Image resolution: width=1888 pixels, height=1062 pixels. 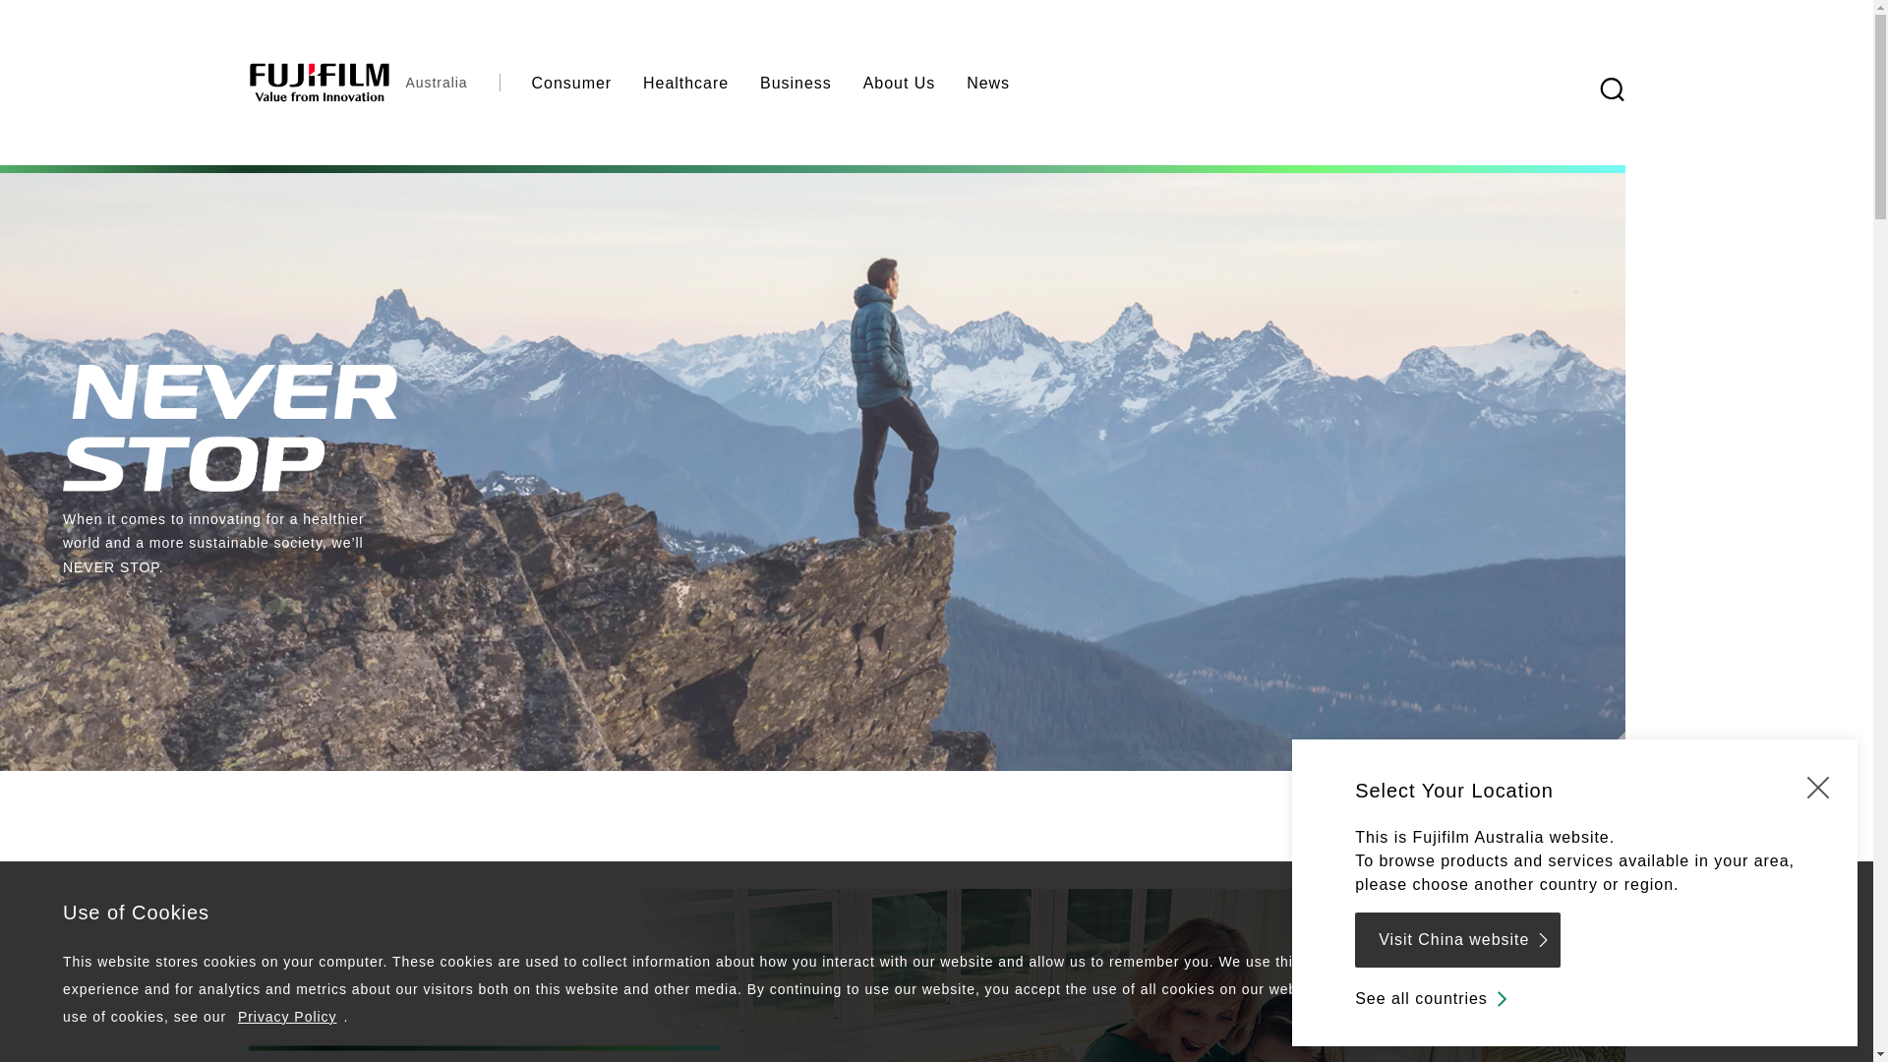 What do you see at coordinates (1433, 998) in the screenshot?
I see `'See all countries'` at bounding box center [1433, 998].